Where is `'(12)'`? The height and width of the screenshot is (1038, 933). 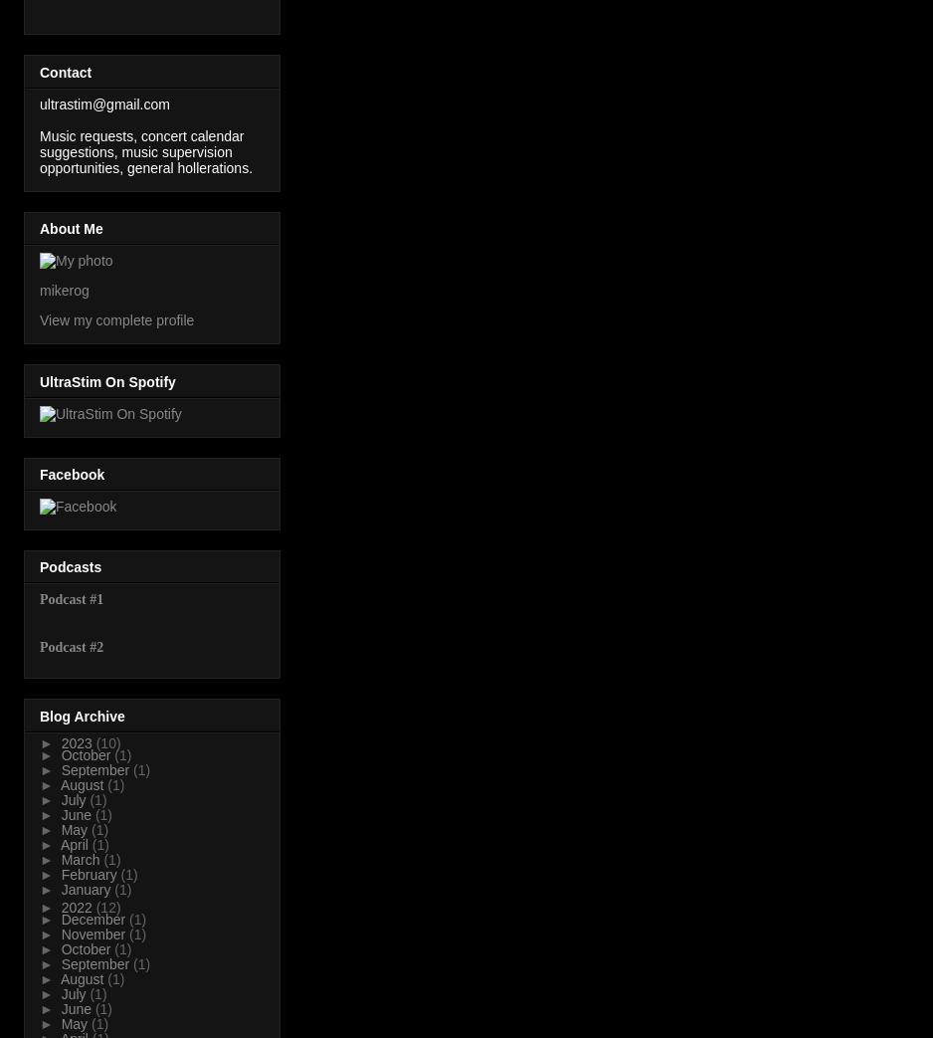 '(12)' is located at coordinates (94, 906).